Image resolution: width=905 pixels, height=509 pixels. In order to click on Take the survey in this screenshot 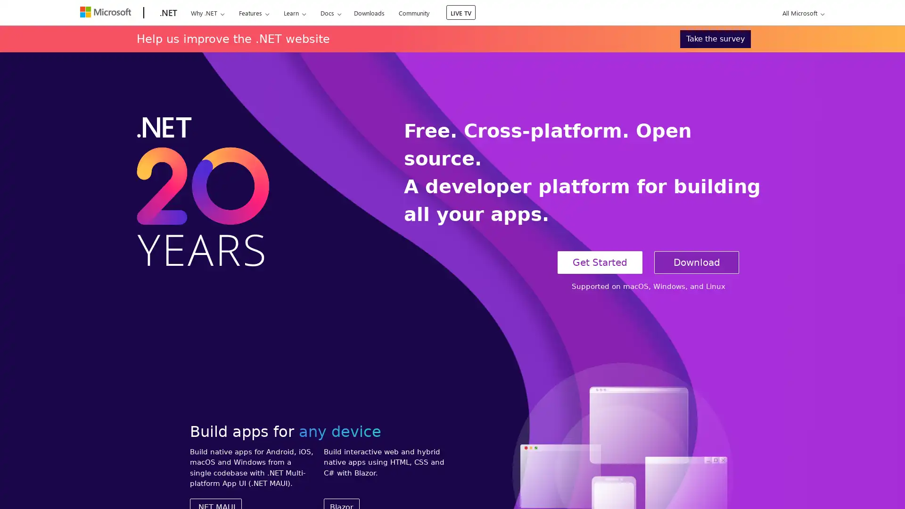, I will do `click(715, 39)`.